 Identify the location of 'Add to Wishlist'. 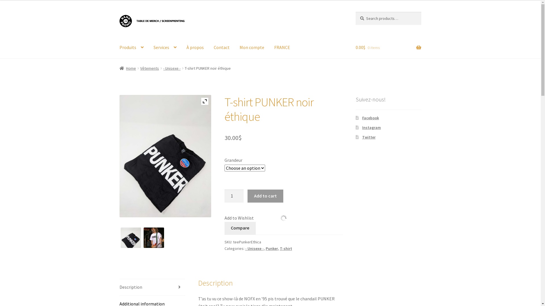
(239, 217).